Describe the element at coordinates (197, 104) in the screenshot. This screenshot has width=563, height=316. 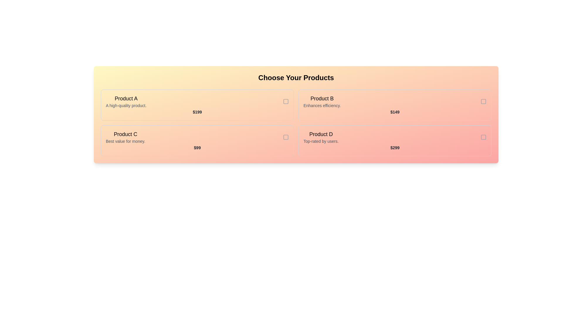
I see `the product card for Product A` at that location.